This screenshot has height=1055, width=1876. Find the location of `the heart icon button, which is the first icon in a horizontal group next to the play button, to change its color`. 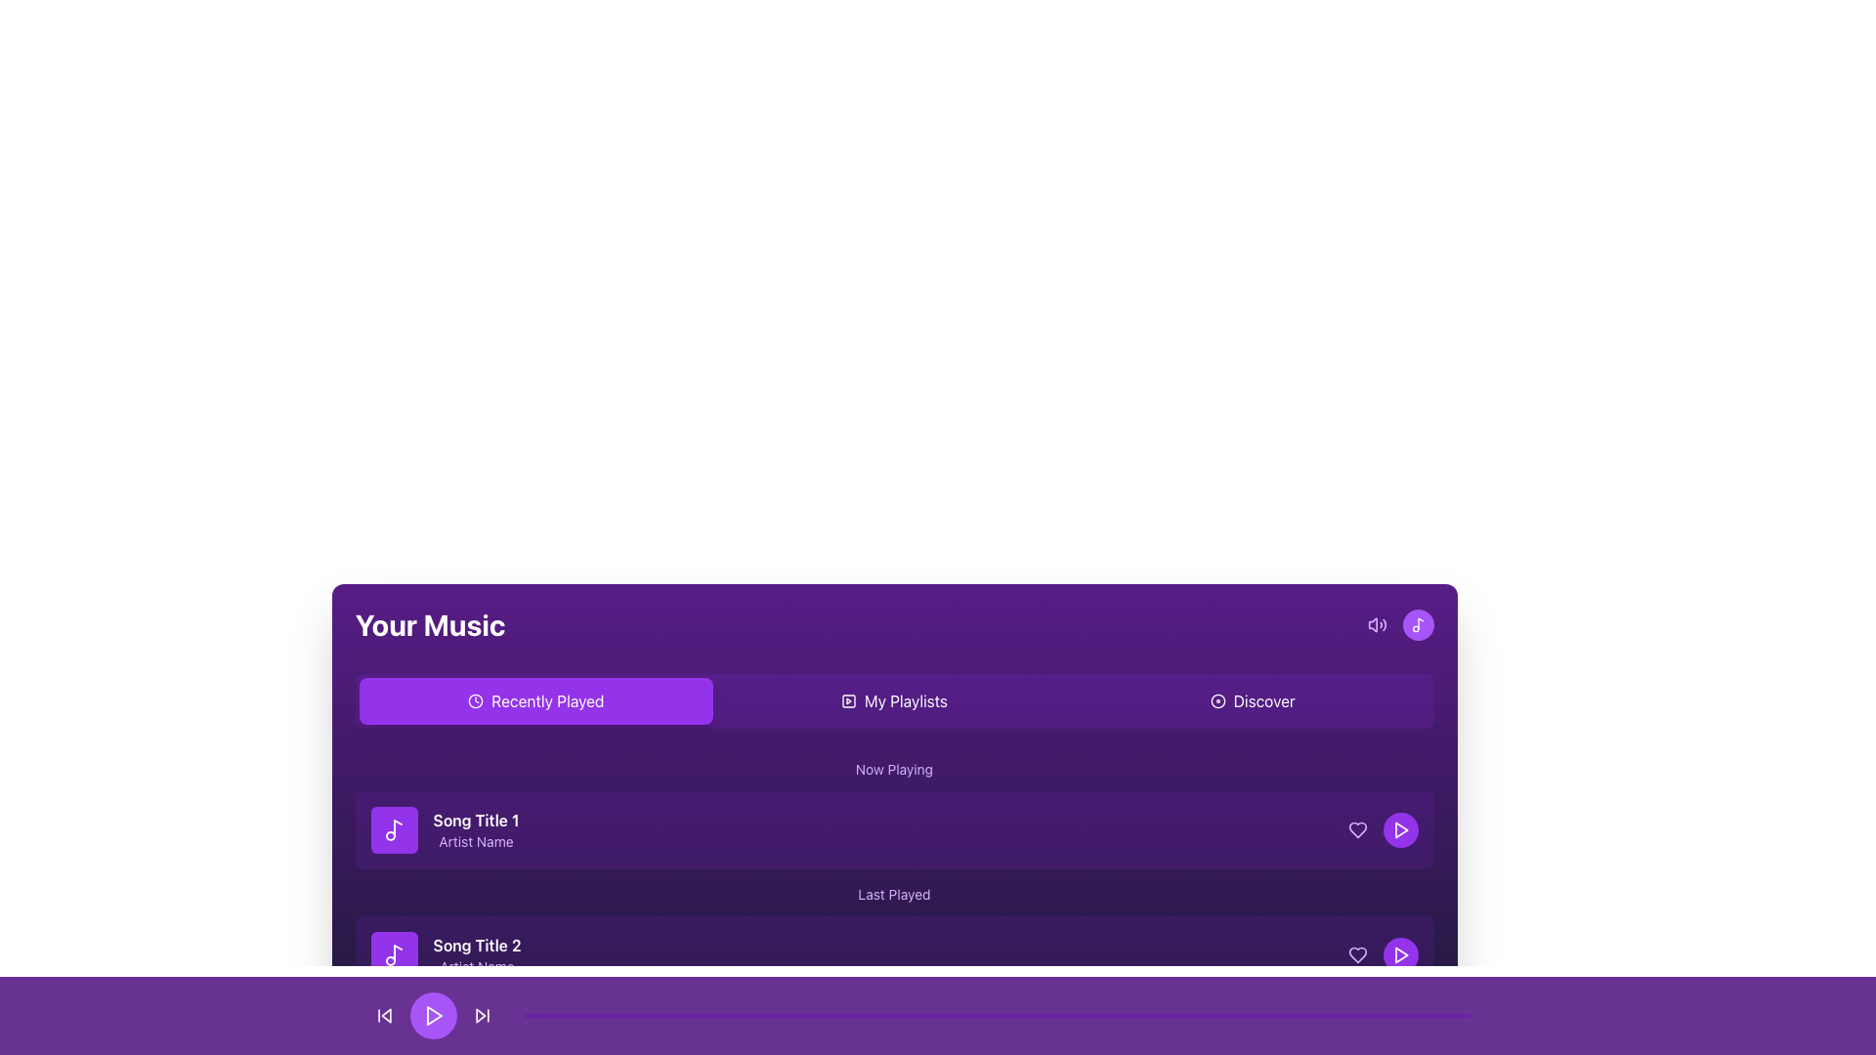

the heart icon button, which is the first icon in a horizontal group next to the play button, to change its color is located at coordinates (1356, 829).